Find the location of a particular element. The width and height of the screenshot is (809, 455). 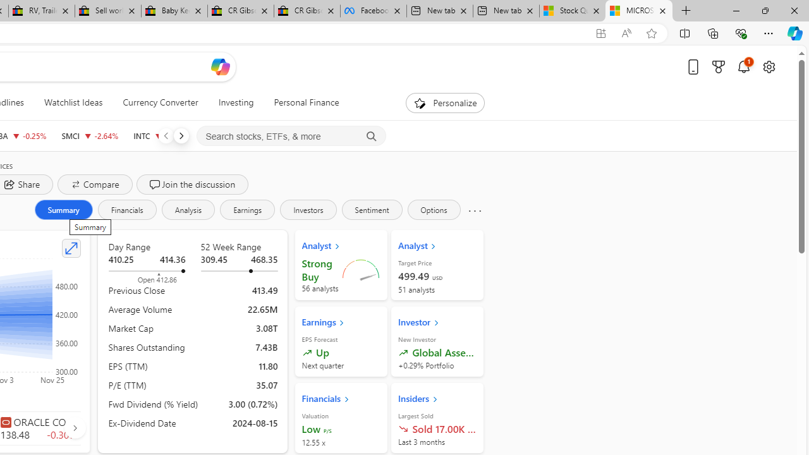

'Currency Converter' is located at coordinates (160, 102).